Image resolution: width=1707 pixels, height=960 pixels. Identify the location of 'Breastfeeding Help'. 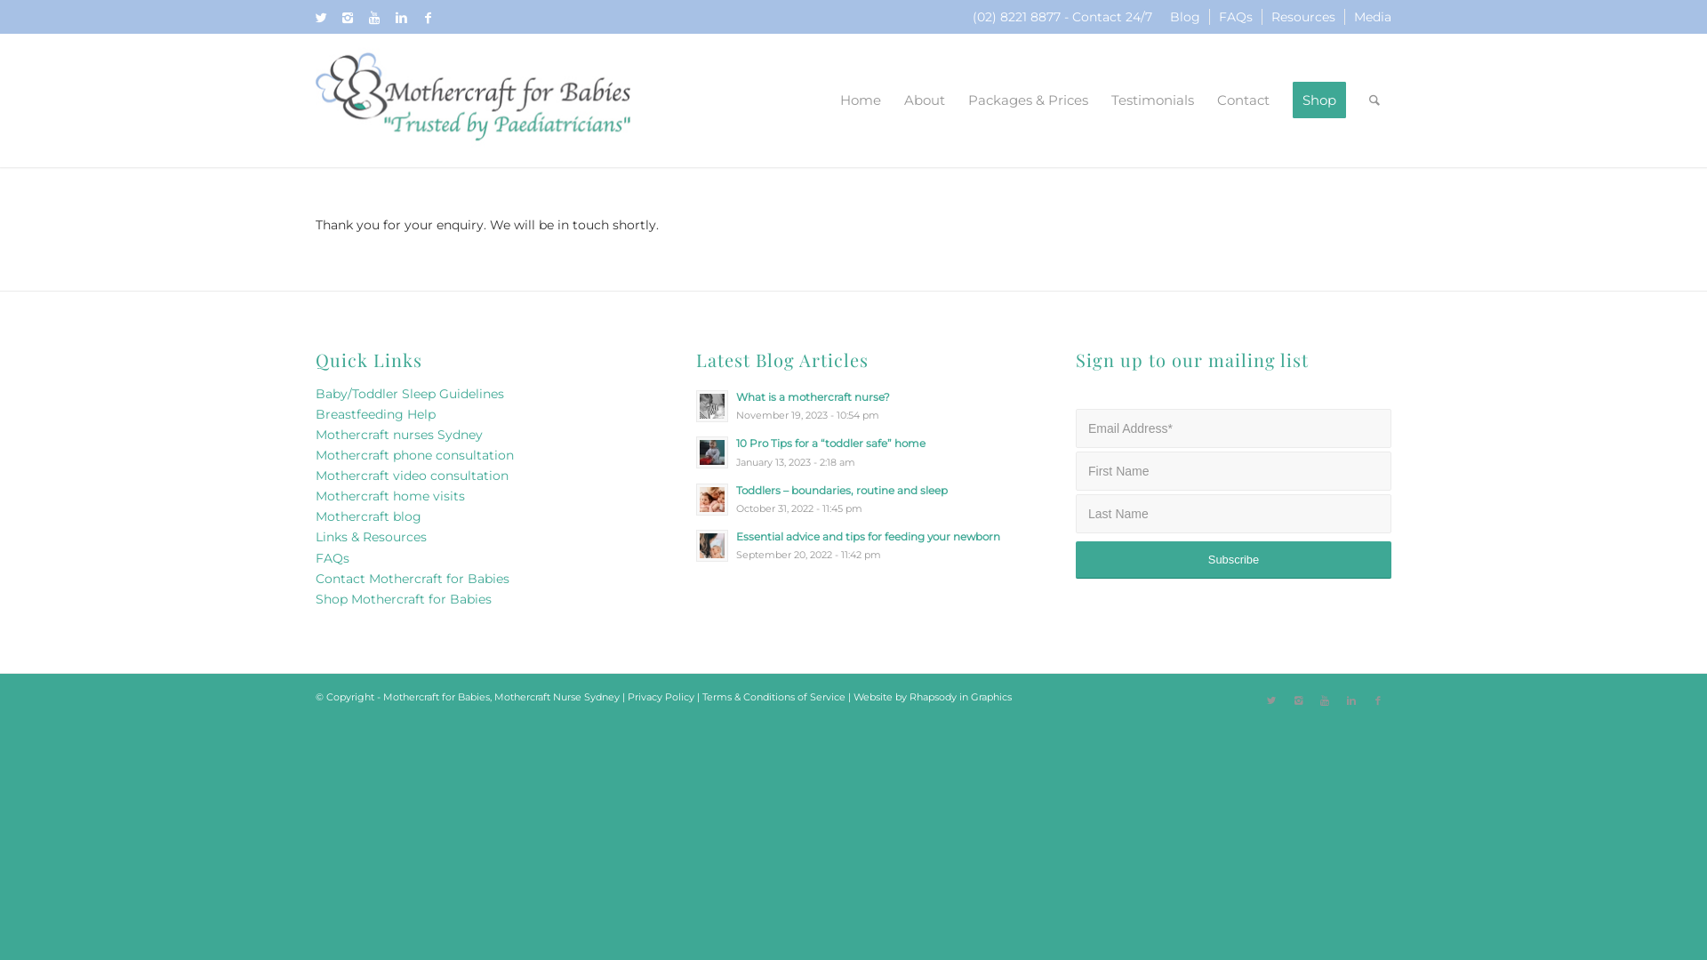
(374, 414).